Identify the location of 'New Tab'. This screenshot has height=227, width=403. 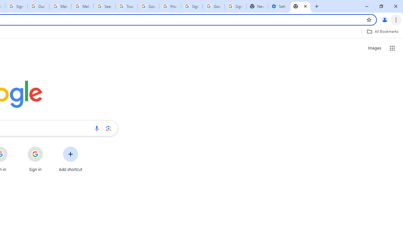
(300, 6).